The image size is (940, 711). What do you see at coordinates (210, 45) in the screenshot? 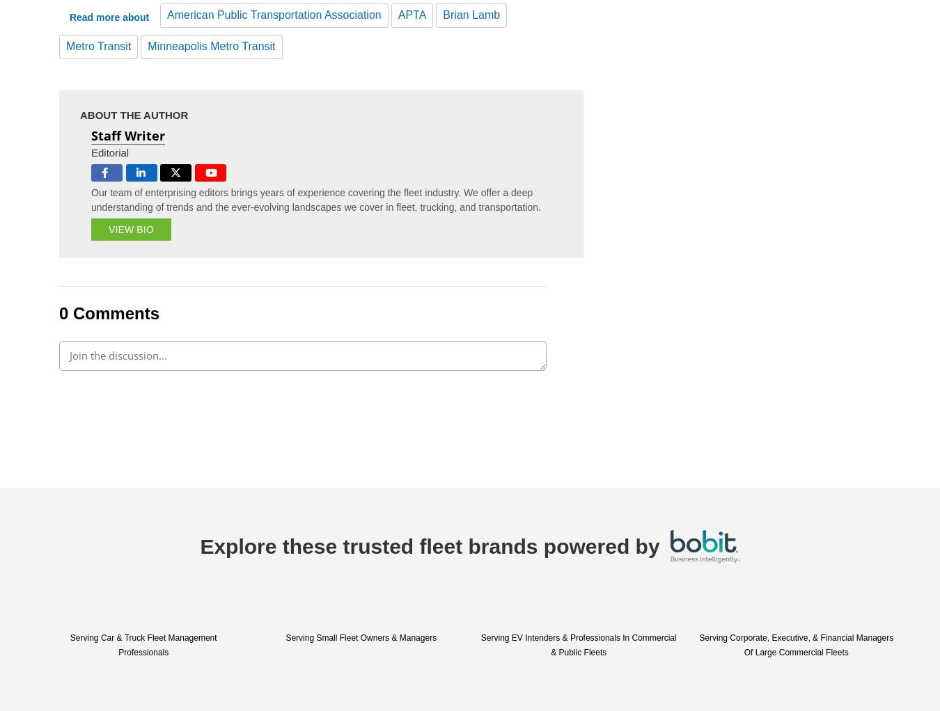
I see `'Minneapolis Metro Transit'` at bounding box center [210, 45].